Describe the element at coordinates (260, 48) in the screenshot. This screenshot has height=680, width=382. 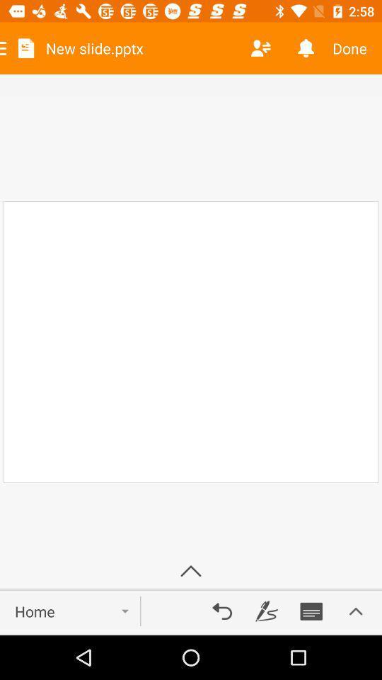
I see `the item next to new slide.pptx item` at that location.